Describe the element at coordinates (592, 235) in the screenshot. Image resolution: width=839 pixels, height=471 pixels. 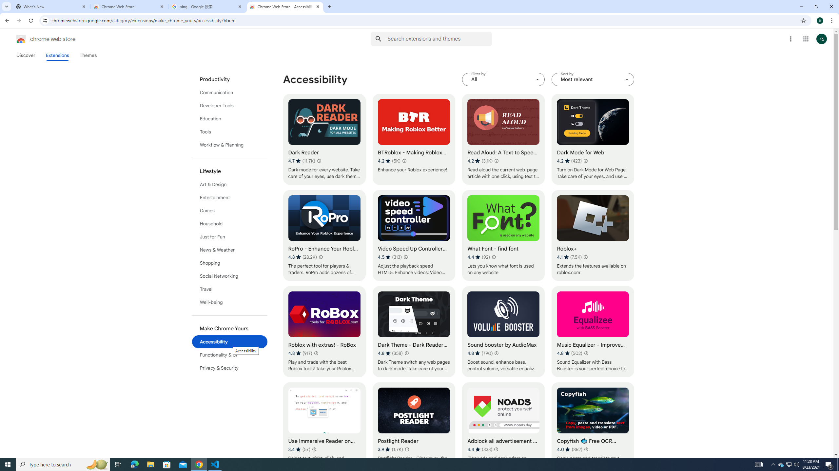
I see `'Roblox+'` at that location.